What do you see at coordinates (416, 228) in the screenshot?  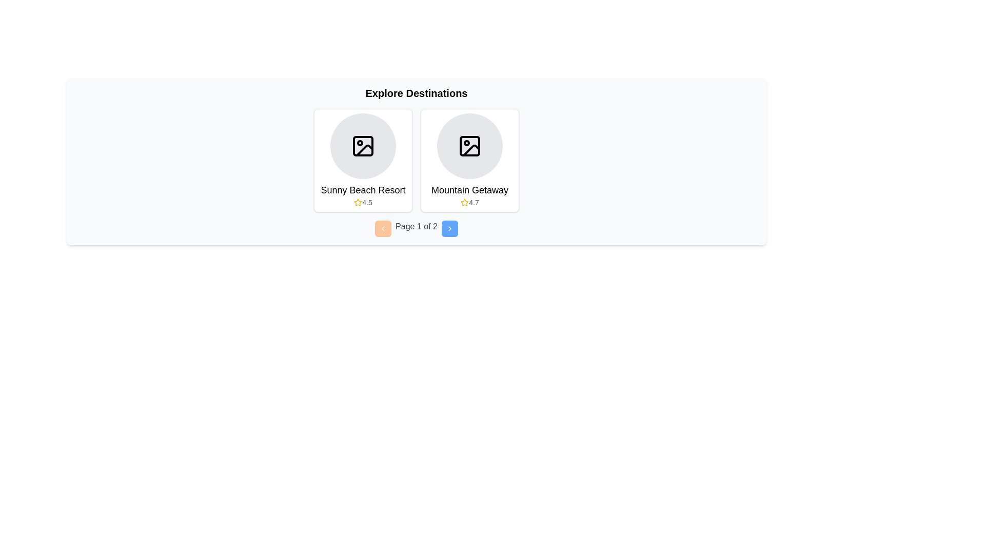 I see `the textual label displaying 'Page 1 of 2', styled in gray, located centrally within the pagination component` at bounding box center [416, 228].